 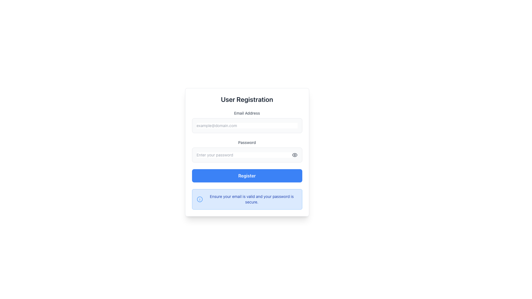 I want to click on the oval-shaped graphic styled as the perimeter of an eye icon located in the password input field area of the registration form, so click(x=294, y=155).